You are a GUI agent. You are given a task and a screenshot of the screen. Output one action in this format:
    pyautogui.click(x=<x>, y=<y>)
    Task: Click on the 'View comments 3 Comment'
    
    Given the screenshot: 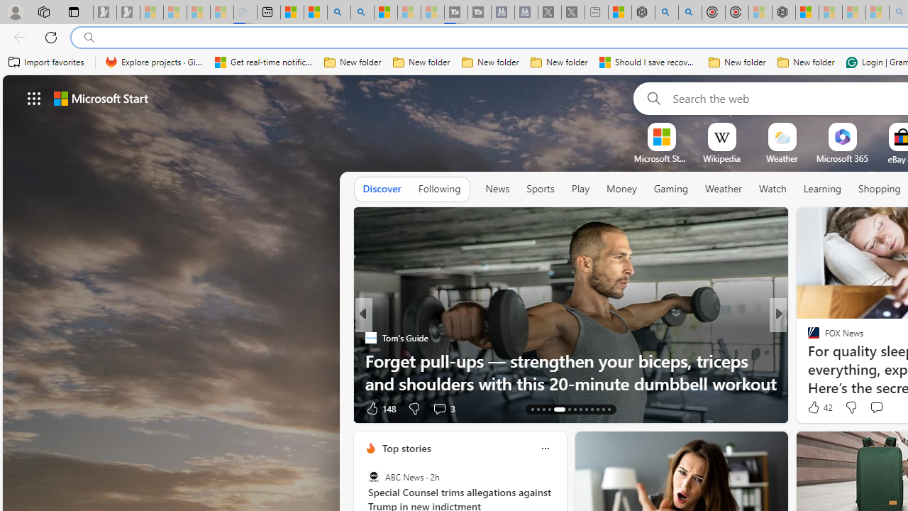 What is the action you would take?
    pyautogui.click(x=438, y=408)
    